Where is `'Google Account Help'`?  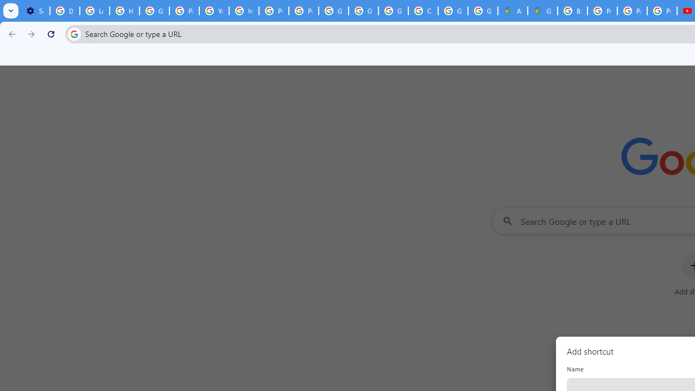
'Google Account Help' is located at coordinates (154, 11).